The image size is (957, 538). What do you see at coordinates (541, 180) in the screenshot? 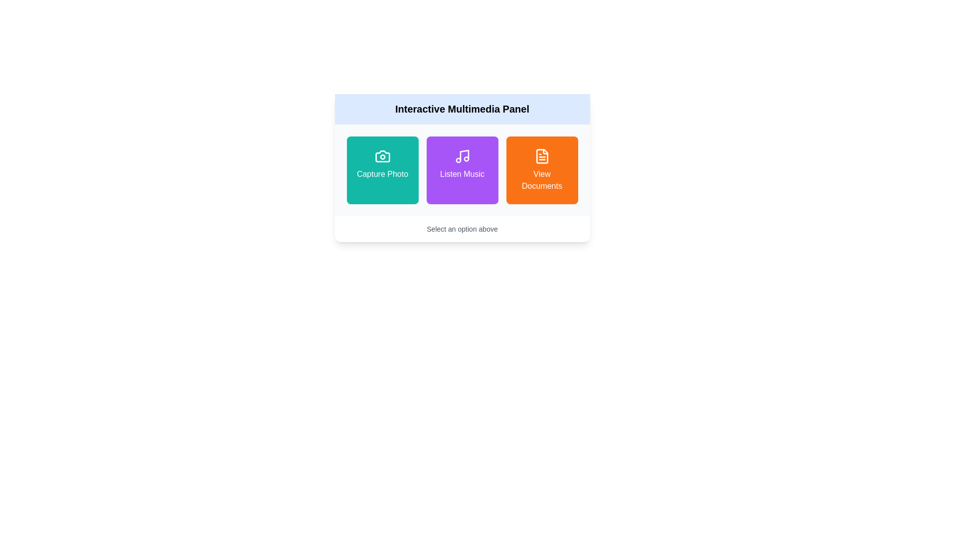
I see `the text label located at the central bottom portion of the orange button that describes the action of viewing documents` at bounding box center [541, 180].